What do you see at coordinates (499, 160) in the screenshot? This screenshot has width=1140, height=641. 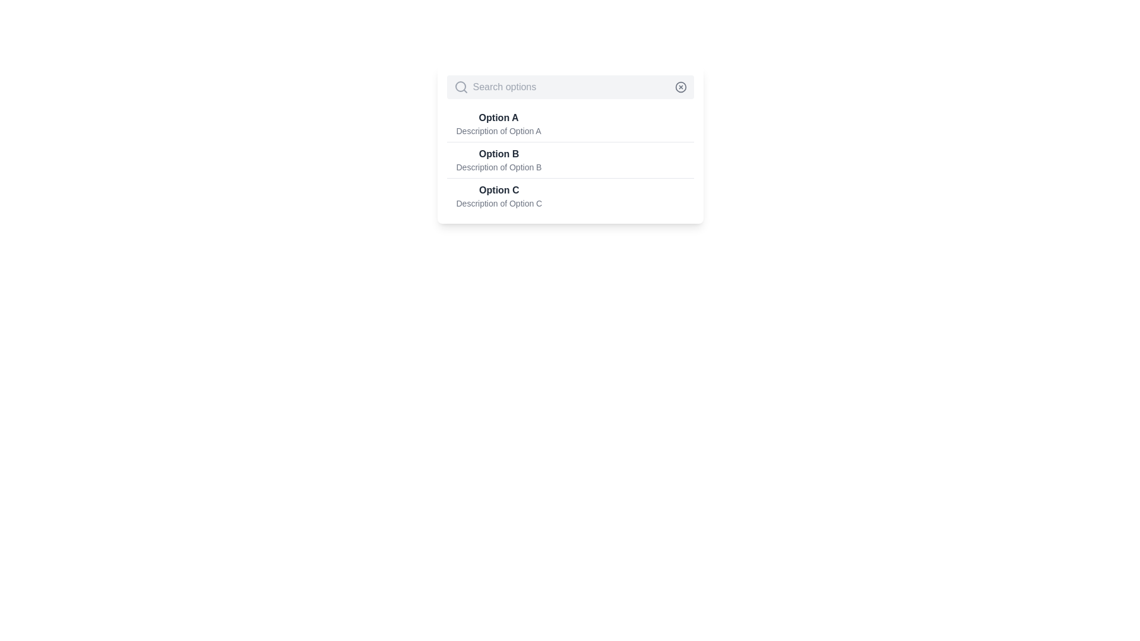 I see `the List item labeled 'Option B' which contains a bold title and a smaller description` at bounding box center [499, 160].